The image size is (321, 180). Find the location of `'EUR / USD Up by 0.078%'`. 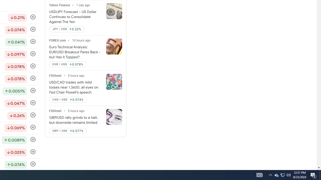

'EUR / USD Up by 0.078%' is located at coordinates (67, 64).